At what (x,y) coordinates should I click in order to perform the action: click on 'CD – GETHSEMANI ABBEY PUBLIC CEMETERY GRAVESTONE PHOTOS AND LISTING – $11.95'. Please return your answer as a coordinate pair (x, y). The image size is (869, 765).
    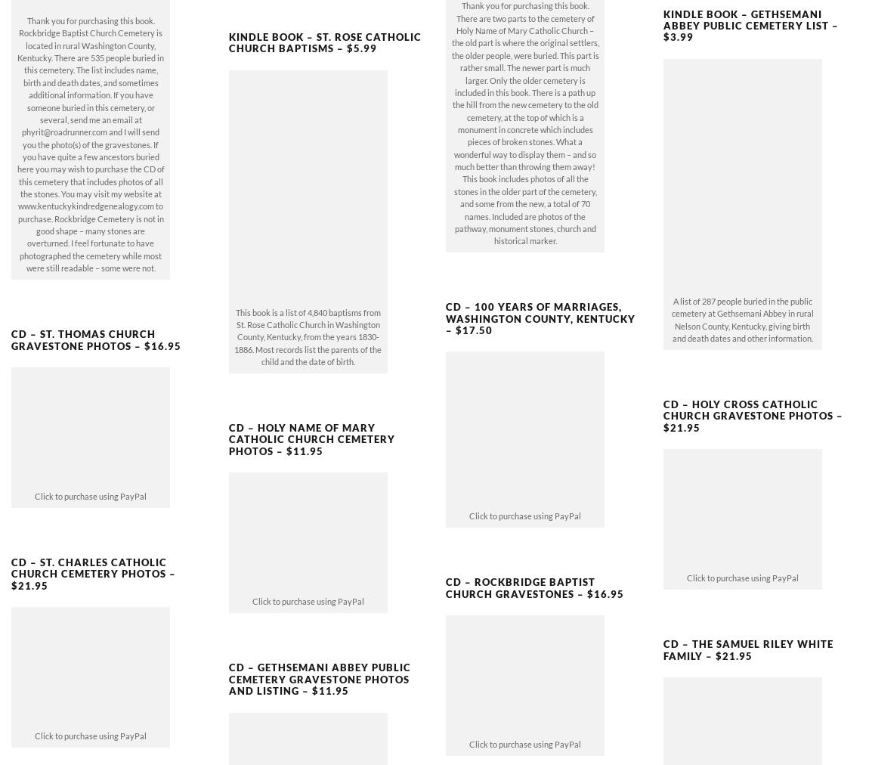
    Looking at the image, I should click on (319, 653).